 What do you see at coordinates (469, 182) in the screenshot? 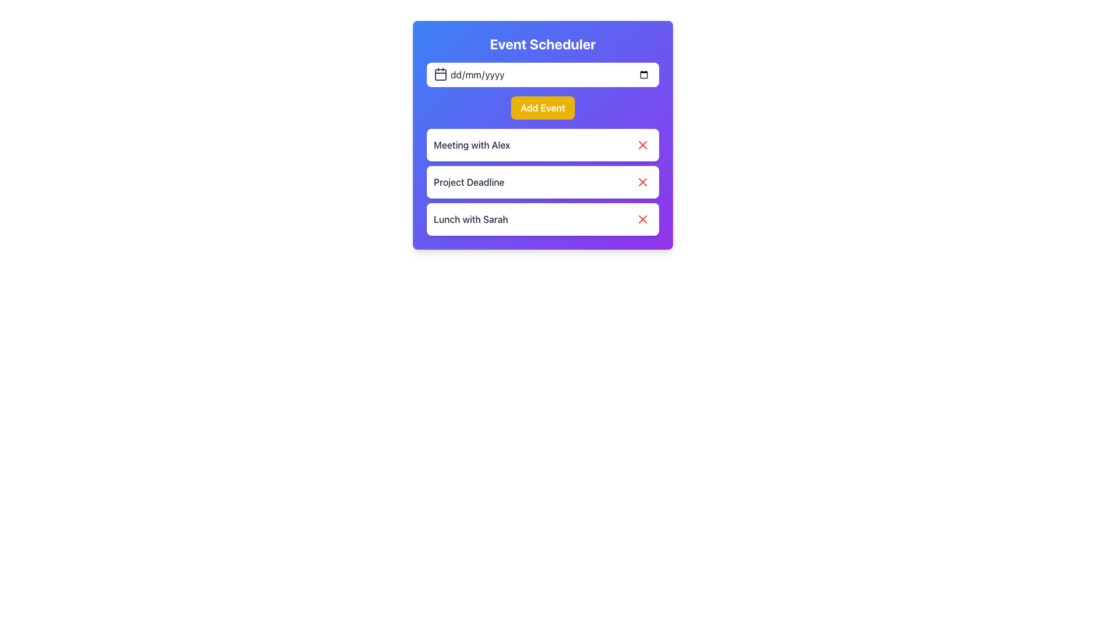
I see `the non-interactive label representing the title of an event or task in the middle list item of the 'Event Scheduler' interface` at bounding box center [469, 182].